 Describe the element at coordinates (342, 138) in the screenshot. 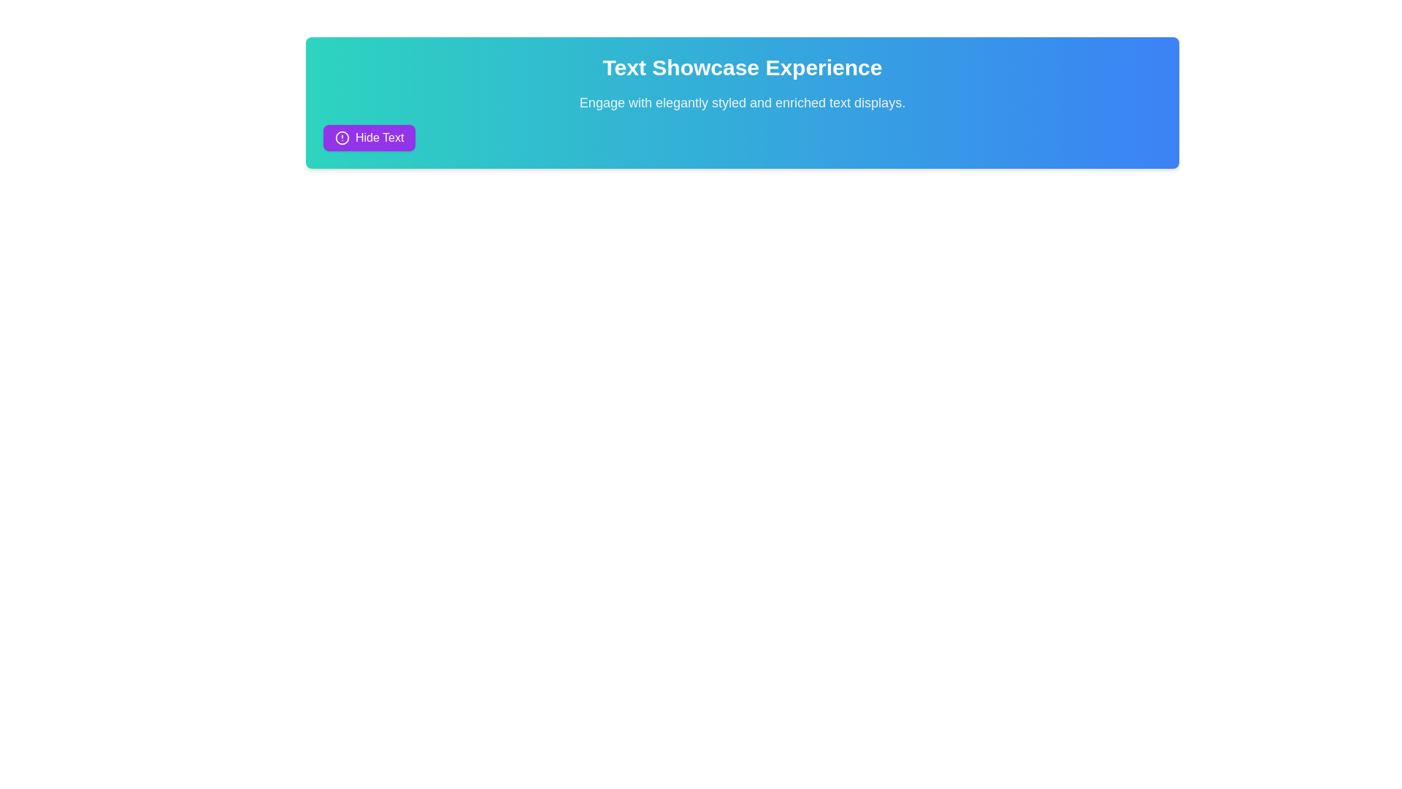

I see `the circular alert icon with a purple background and white stroke, located to the left of the 'Hide Text' button` at that location.